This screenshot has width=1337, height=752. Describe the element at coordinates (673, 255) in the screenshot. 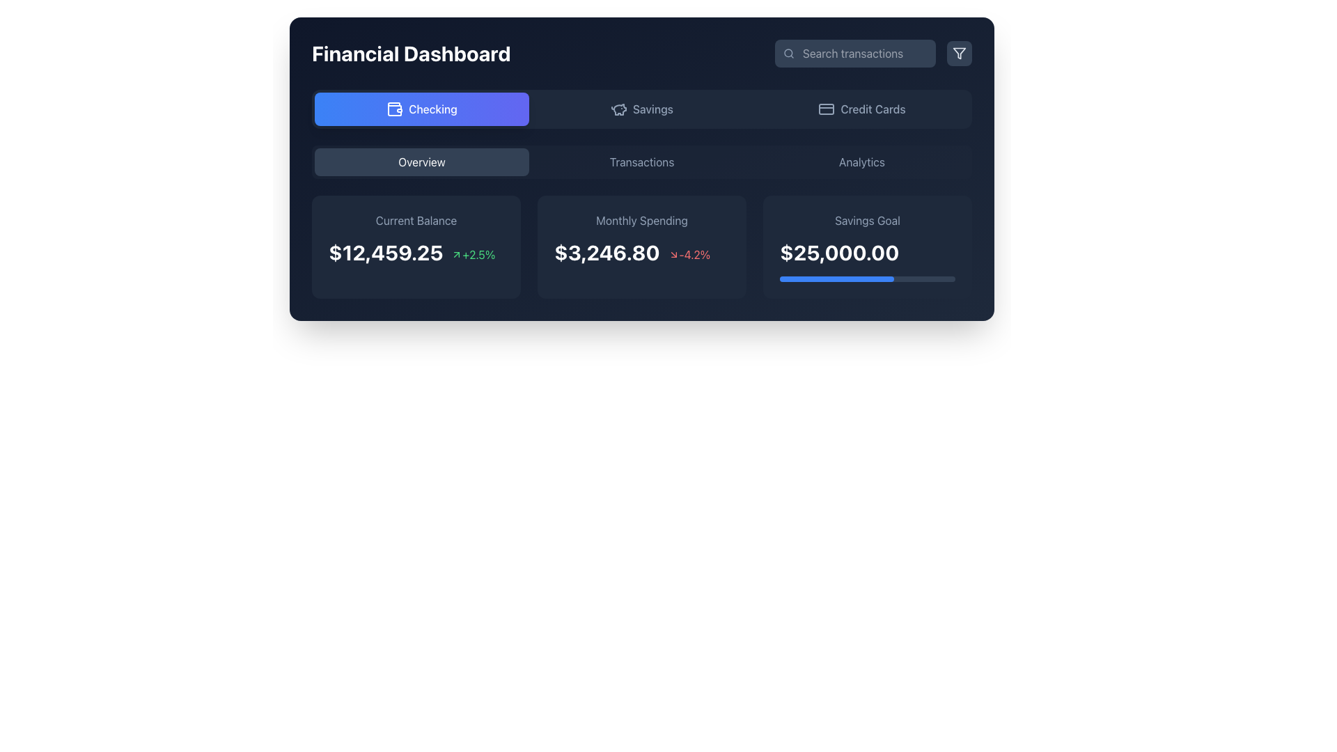

I see `the downward trend arrow icon located in the 'Monthly Spending' section of the dashboard, which is positioned to the right of the spending amount ($3,246.80)` at that location.